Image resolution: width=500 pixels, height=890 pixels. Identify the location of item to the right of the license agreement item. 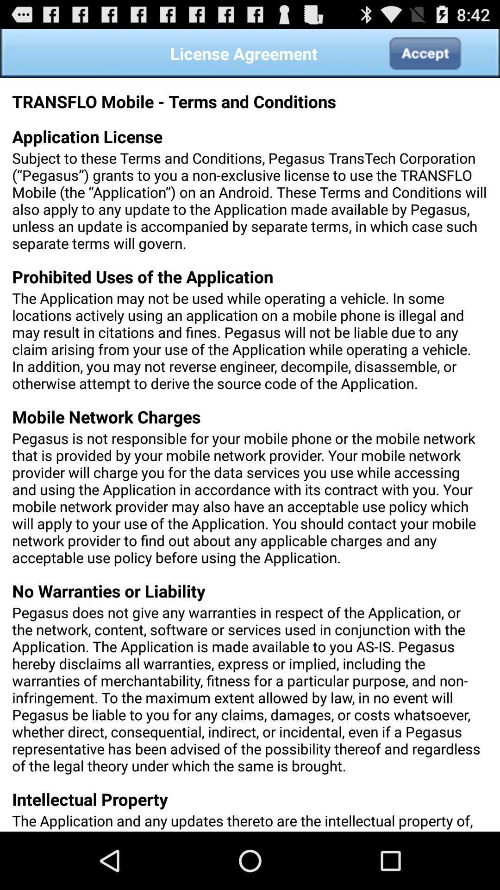
(425, 53).